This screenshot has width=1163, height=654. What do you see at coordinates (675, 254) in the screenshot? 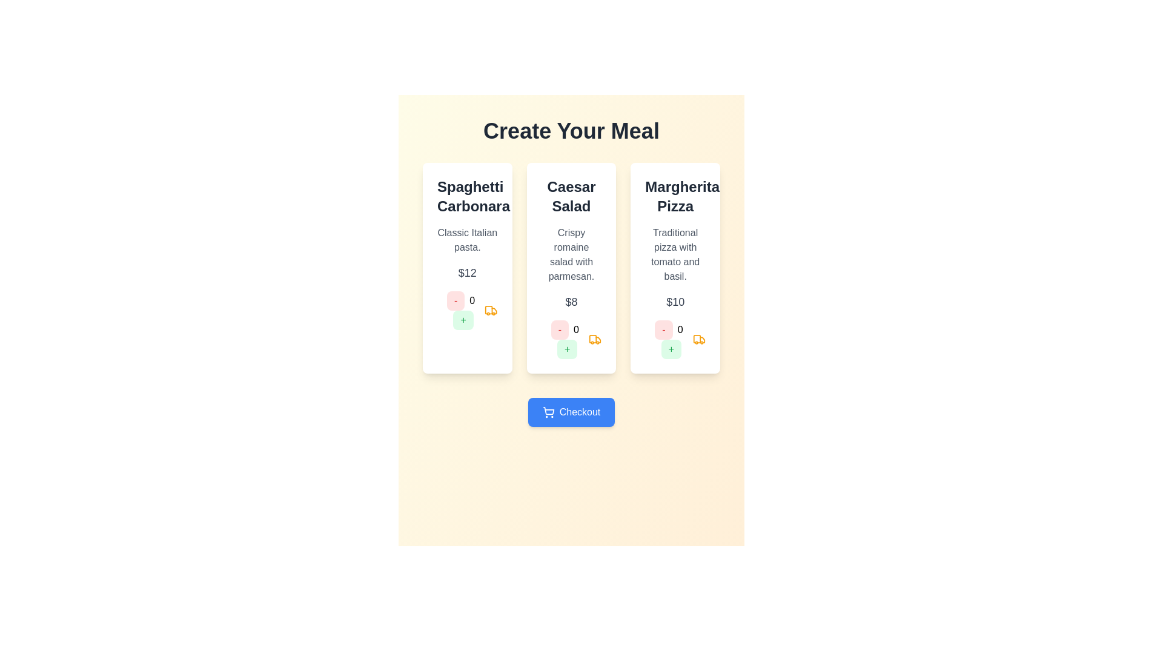
I see `the Text label providing a description of the Margherita Pizza, which is located within the Margherita Pizza card, directly below the main title and above the price, centered horizontally` at bounding box center [675, 254].